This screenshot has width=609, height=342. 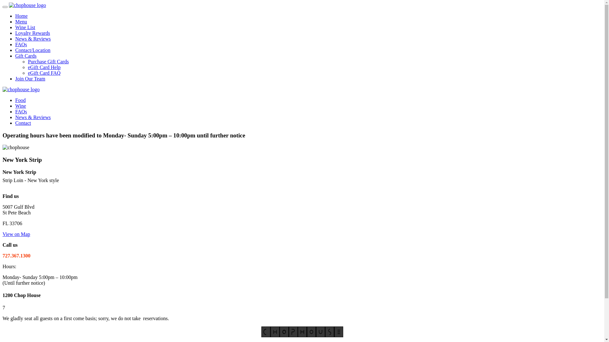 I want to click on 'Contact/Location', so click(x=32, y=50).